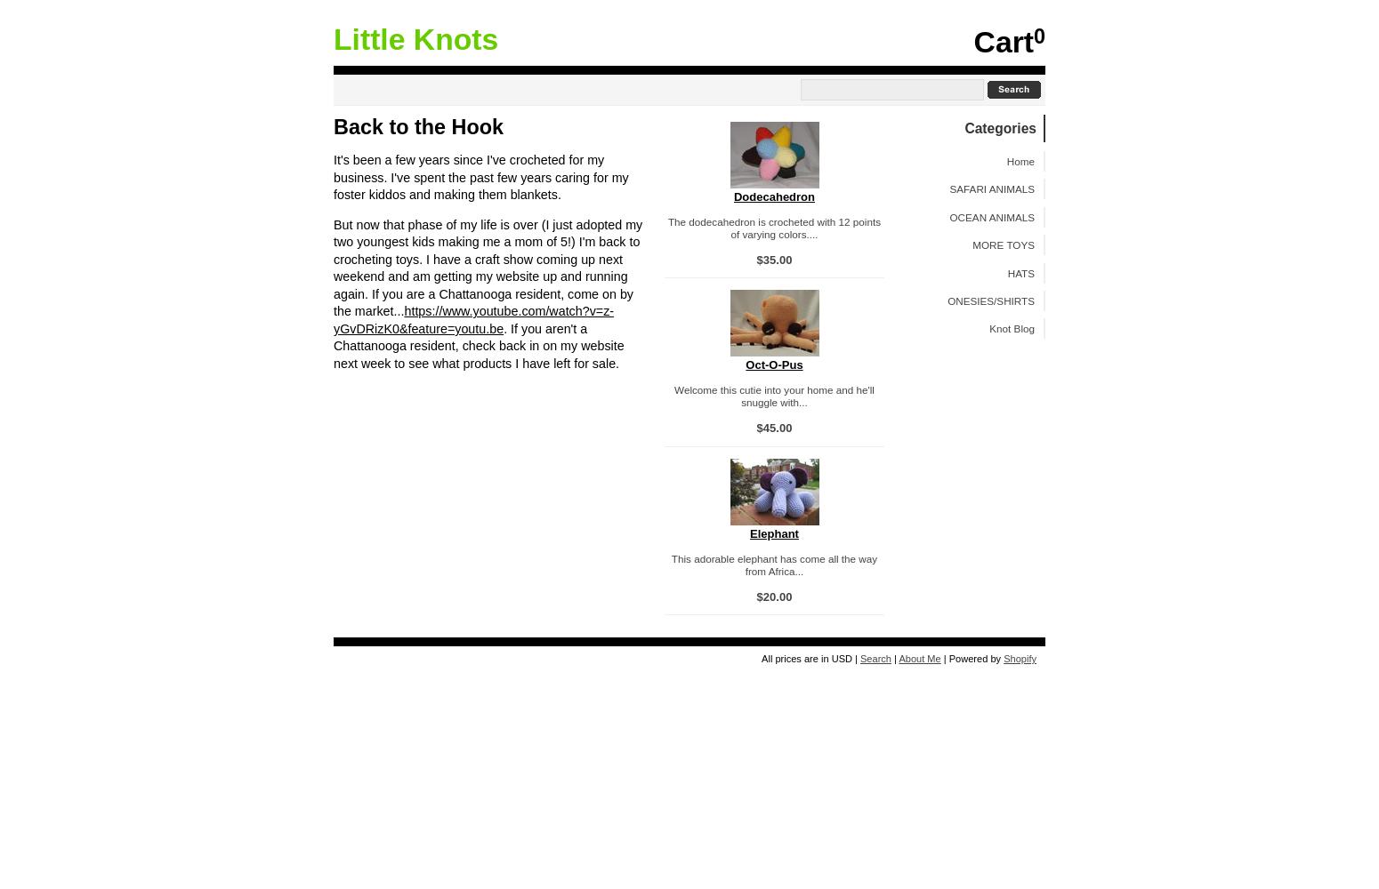 This screenshot has width=1379, height=889. Describe the element at coordinates (1020, 160) in the screenshot. I see `'Home'` at that location.